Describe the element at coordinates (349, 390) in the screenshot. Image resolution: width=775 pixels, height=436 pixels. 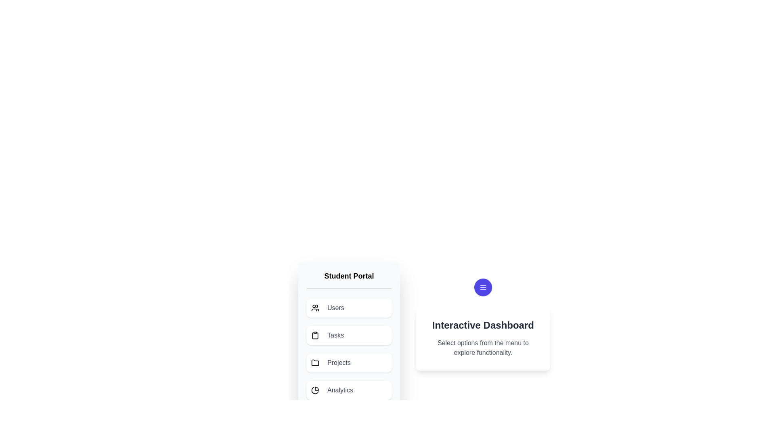
I see `the menu item Analytics from the list` at that location.